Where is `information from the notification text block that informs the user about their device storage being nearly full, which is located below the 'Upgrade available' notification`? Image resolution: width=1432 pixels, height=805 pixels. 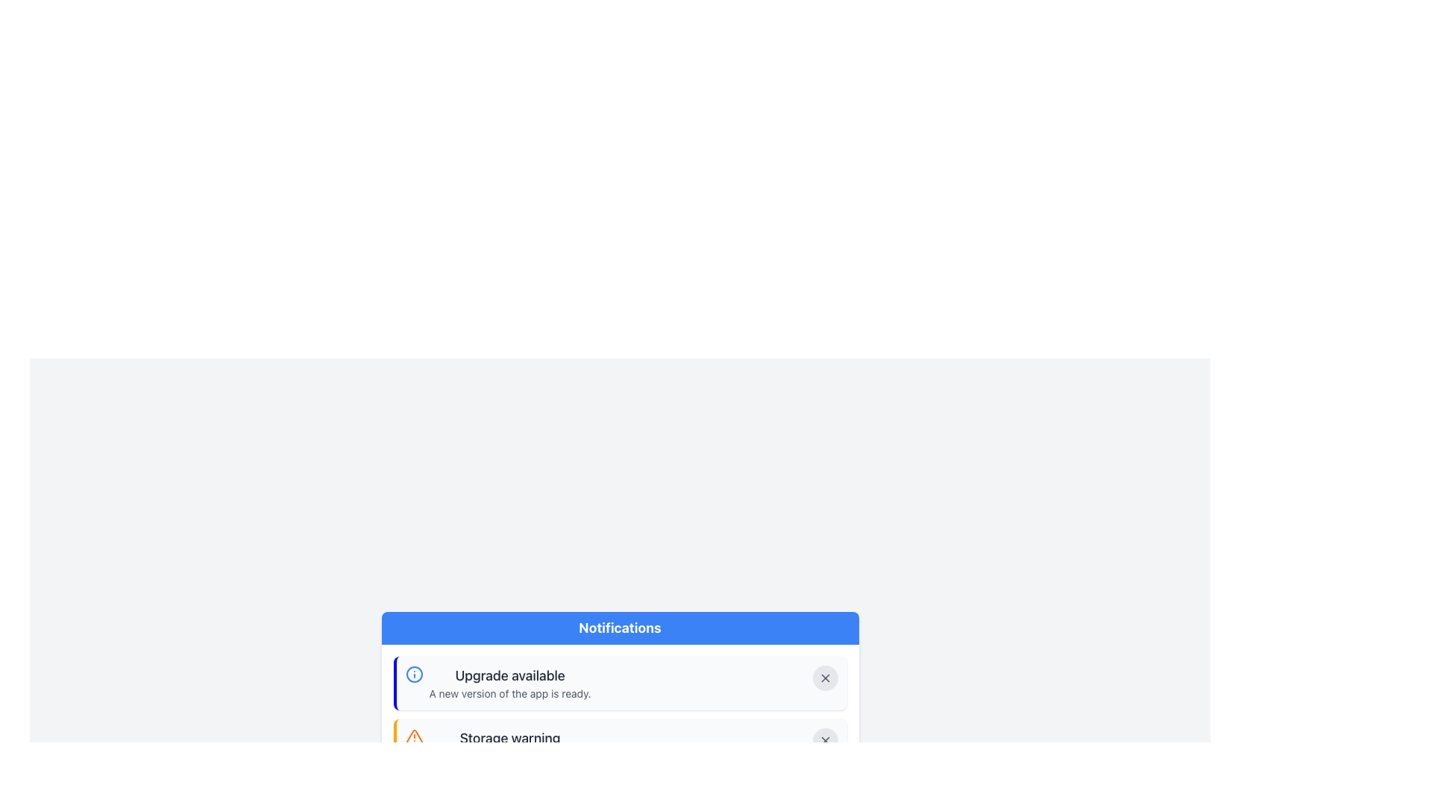
information from the notification text block that informs the user about their device storage being nearly full, which is located below the 'Upgrade available' notification is located at coordinates (509, 746).